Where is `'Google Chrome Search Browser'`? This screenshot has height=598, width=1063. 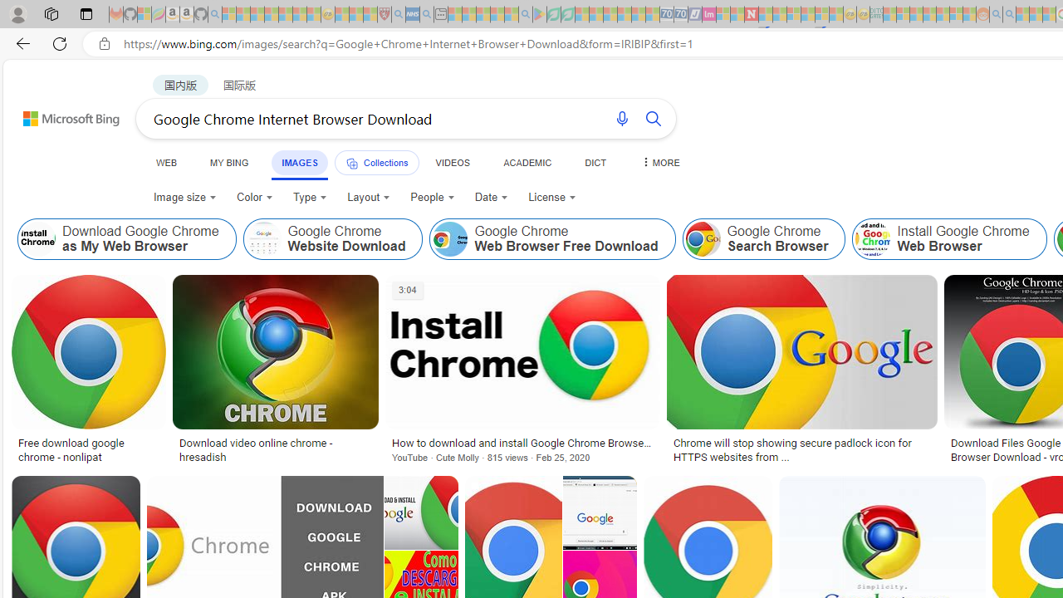 'Google Chrome Search Browser' is located at coordinates (703, 239).